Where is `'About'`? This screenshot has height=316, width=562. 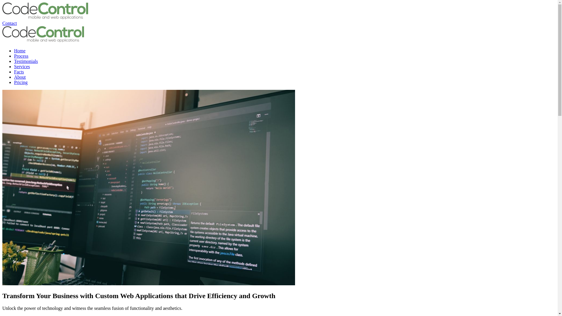
'About' is located at coordinates (20, 77).